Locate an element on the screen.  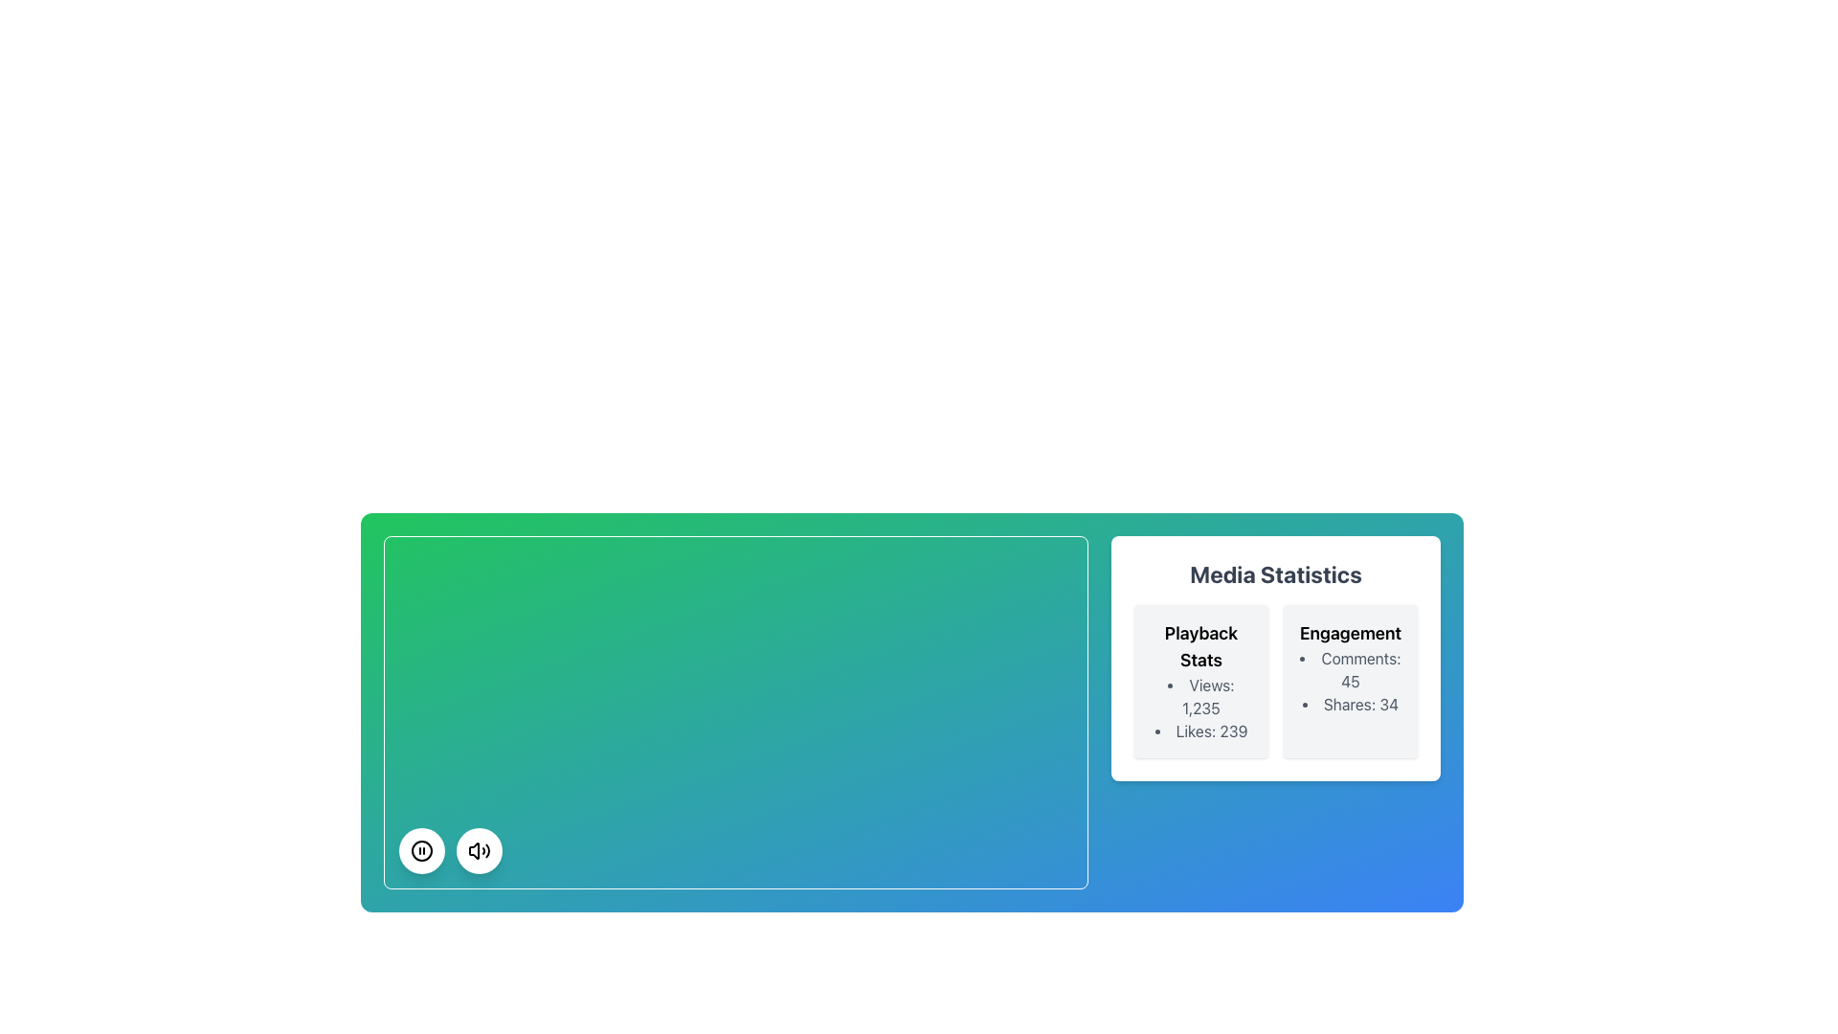
the circular sound button with a speaker icon and audio waves is located at coordinates (479, 849).